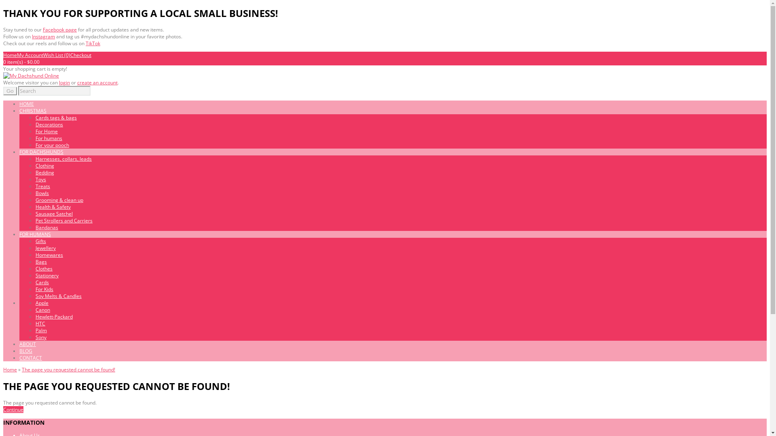 The height and width of the screenshot is (436, 776). I want to click on 'Bags', so click(40, 262).